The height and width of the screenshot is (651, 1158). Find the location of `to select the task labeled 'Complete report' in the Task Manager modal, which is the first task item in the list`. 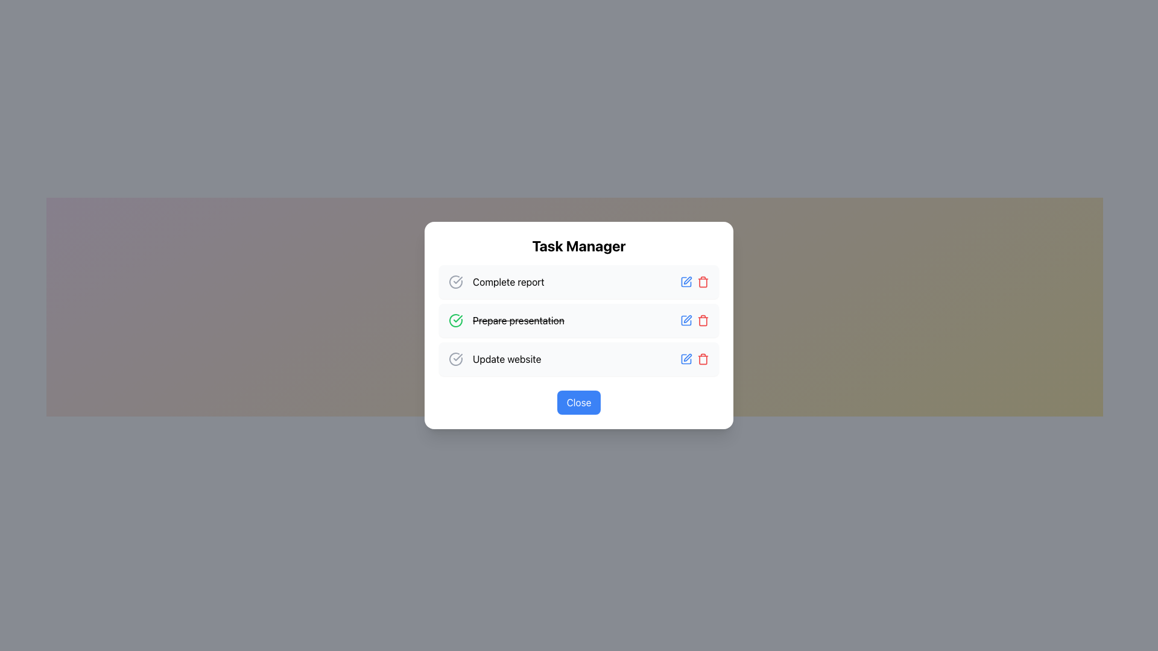

to select the task labeled 'Complete report' in the Task Manager modal, which is the first task item in the list is located at coordinates (496, 281).